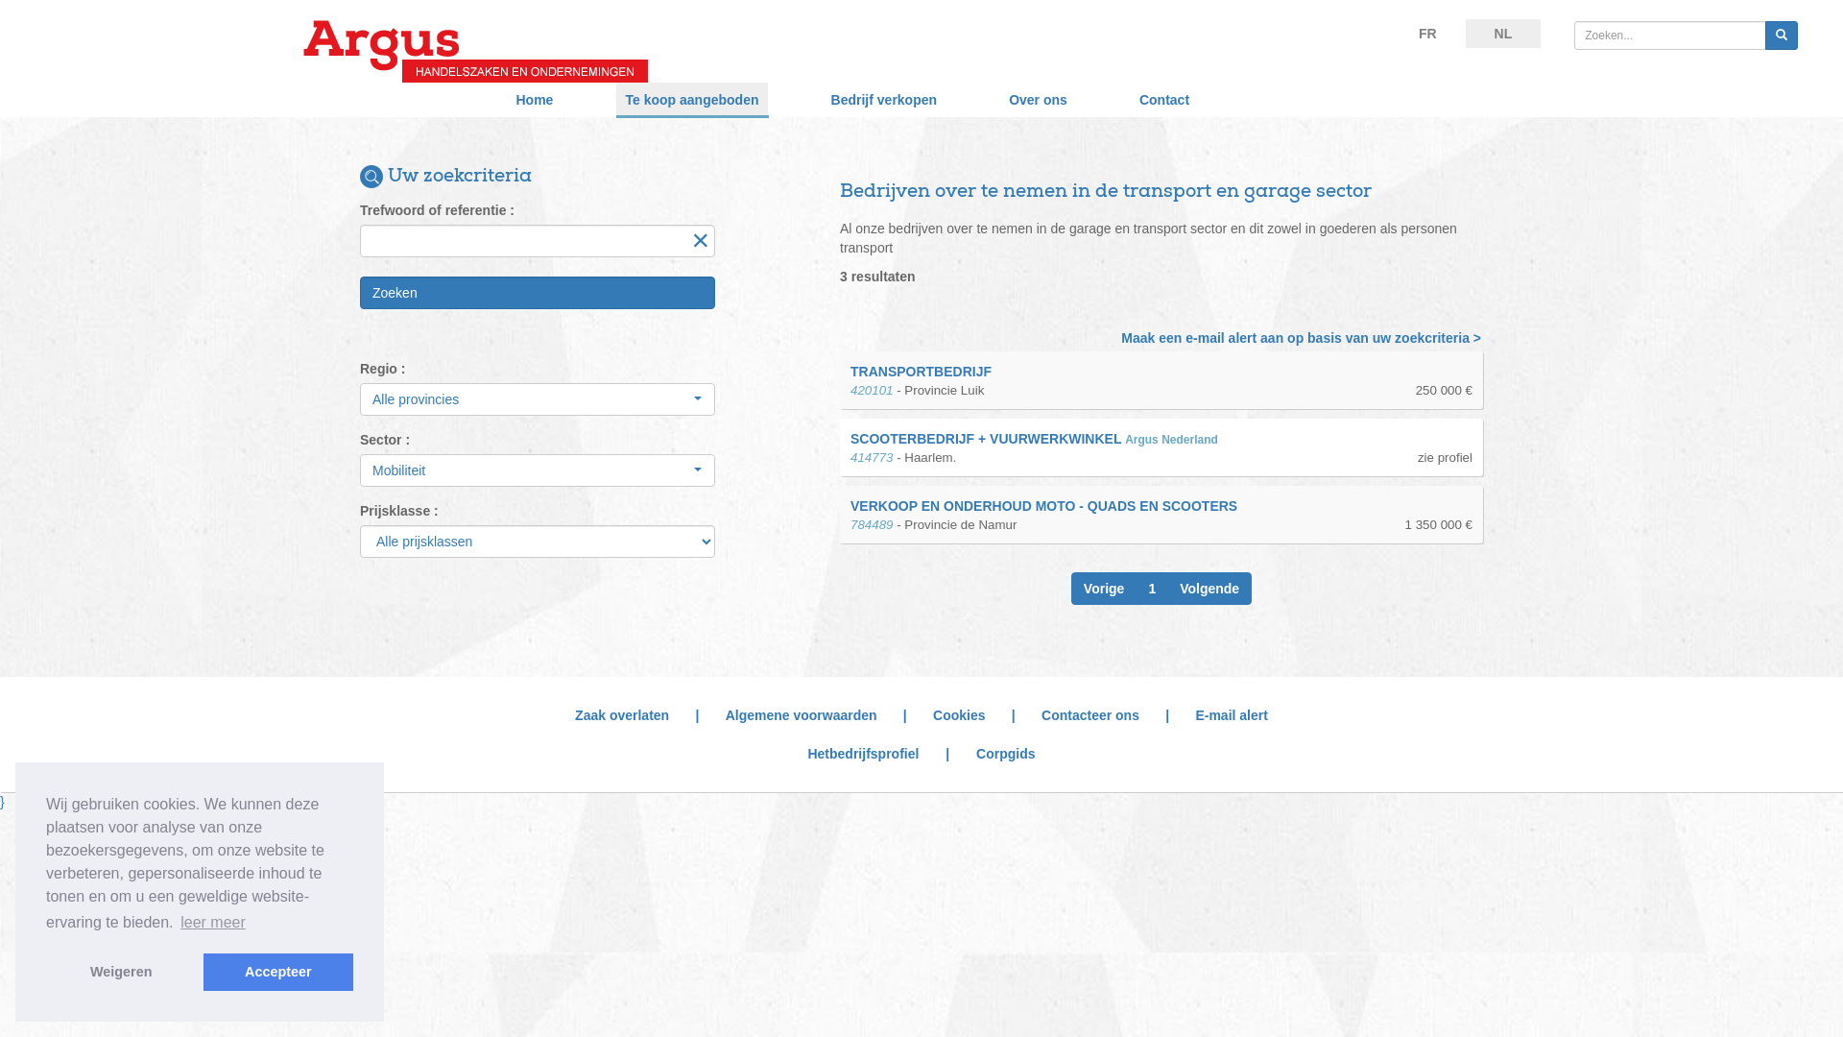 Image resolution: width=1843 pixels, height=1037 pixels. What do you see at coordinates (212, 921) in the screenshot?
I see `'leer meer'` at bounding box center [212, 921].